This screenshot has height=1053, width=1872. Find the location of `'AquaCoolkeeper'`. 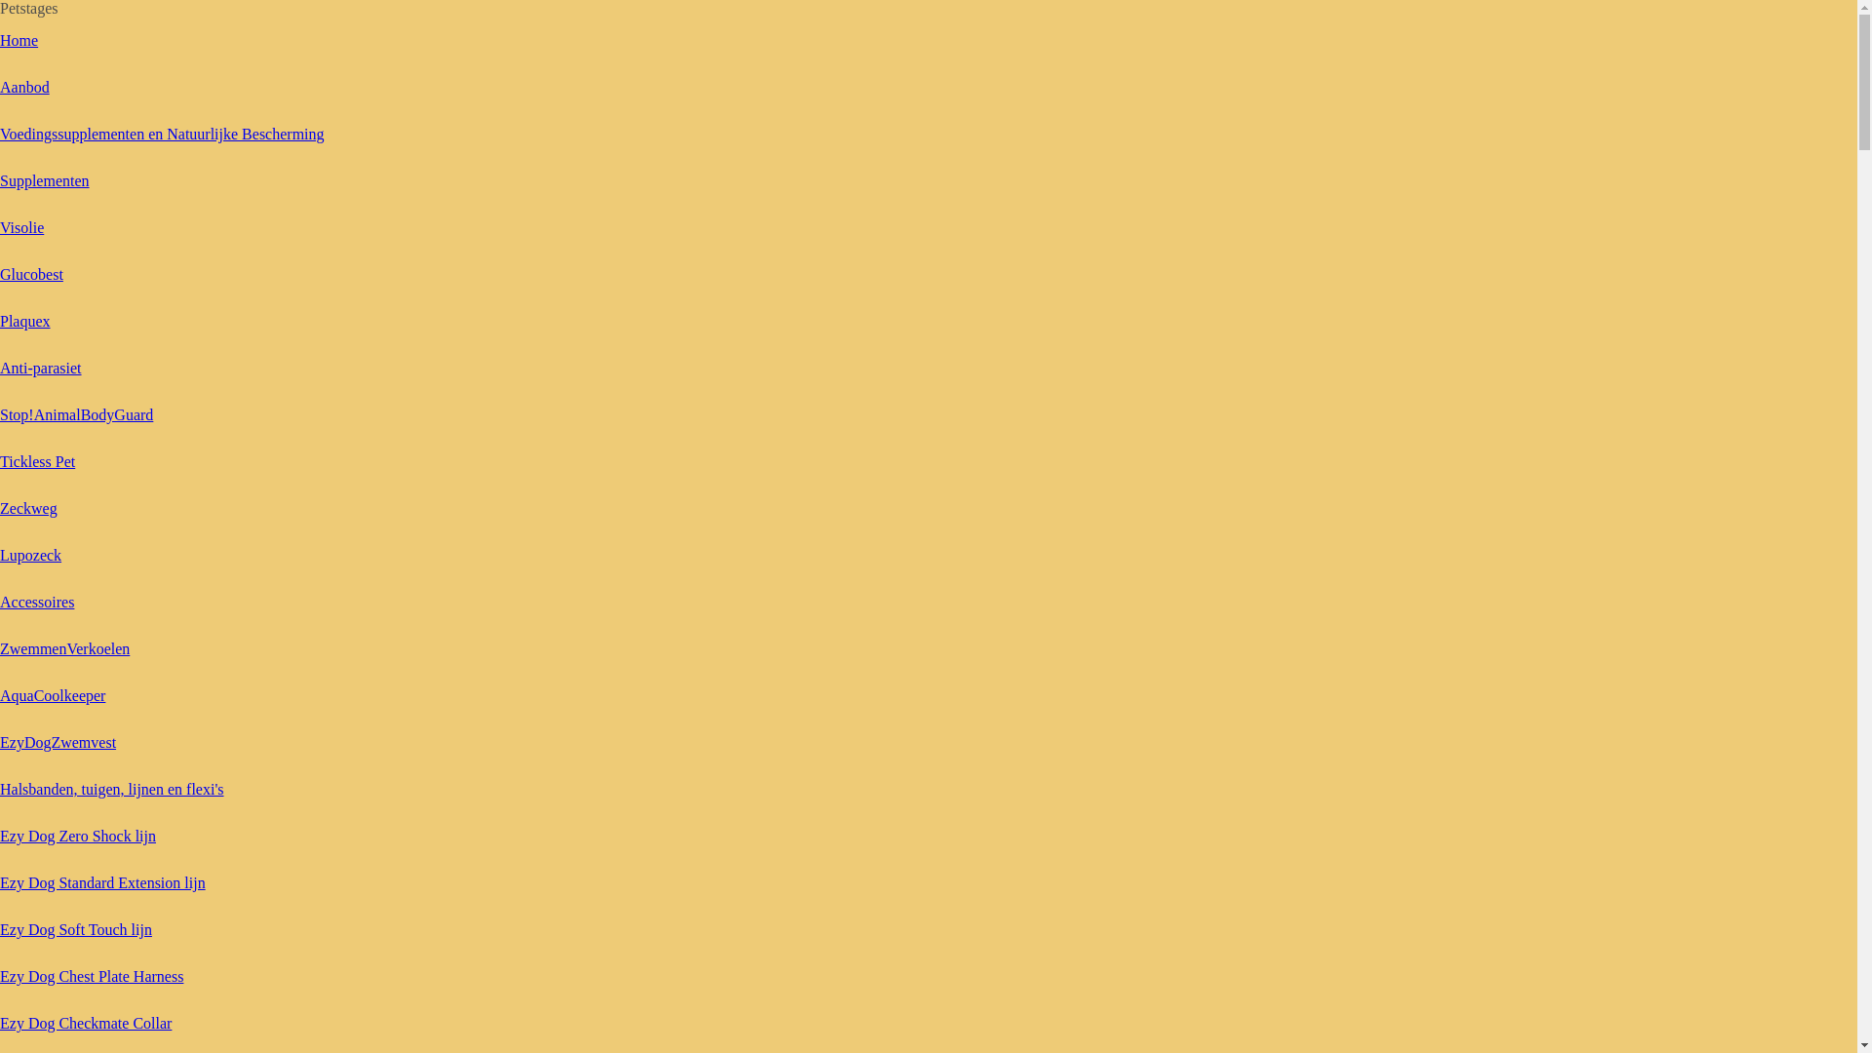

'AquaCoolkeeper' is located at coordinates (52, 694).